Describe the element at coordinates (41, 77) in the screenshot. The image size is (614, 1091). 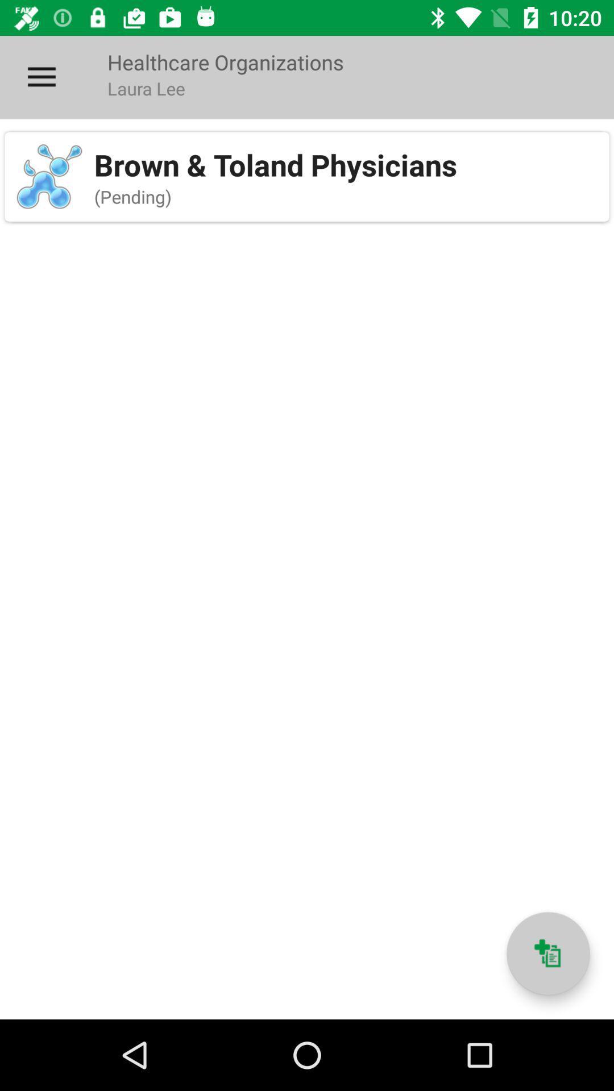
I see `the icon to the left of the healthcare organizations item` at that location.